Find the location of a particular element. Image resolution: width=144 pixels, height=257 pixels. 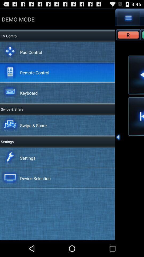

the pad control icon is located at coordinates (31, 52).